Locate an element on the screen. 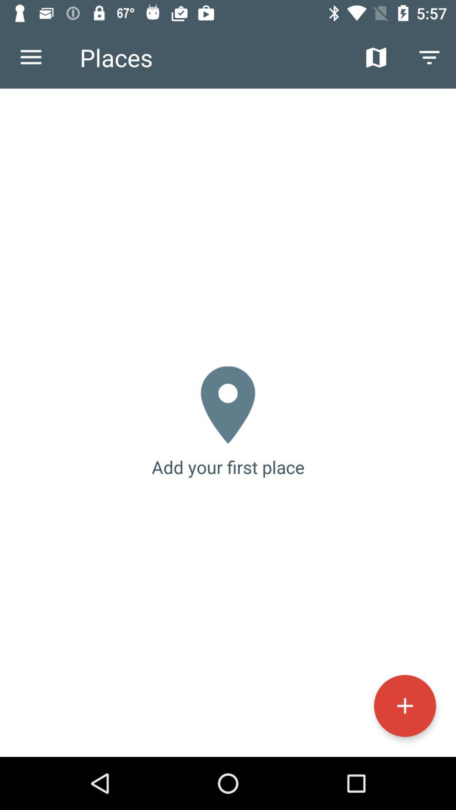 This screenshot has height=810, width=456. the item next to places icon is located at coordinates (376, 57).